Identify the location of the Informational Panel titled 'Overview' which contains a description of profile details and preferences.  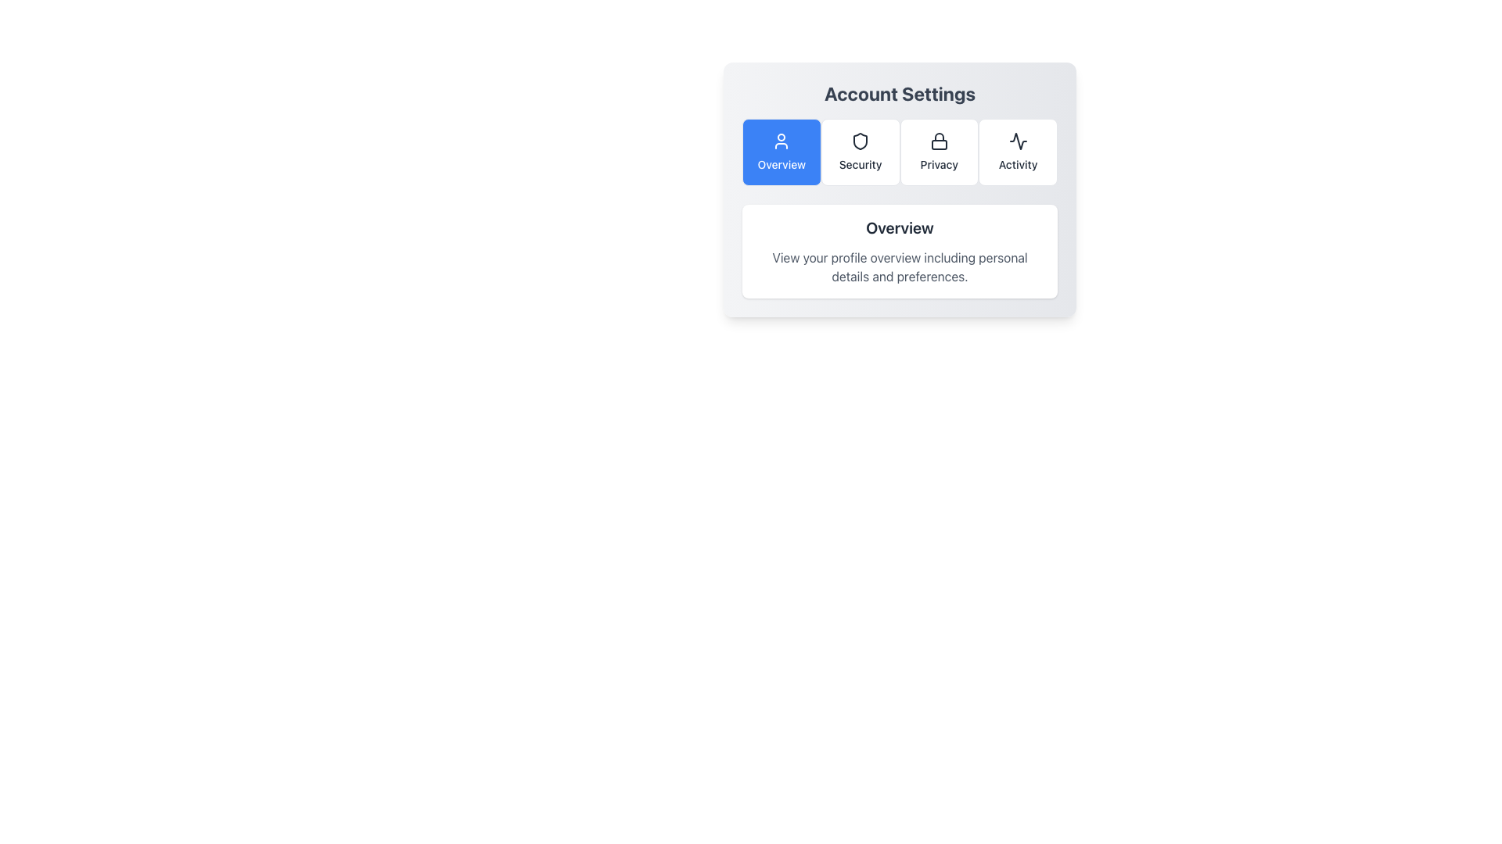
(900, 250).